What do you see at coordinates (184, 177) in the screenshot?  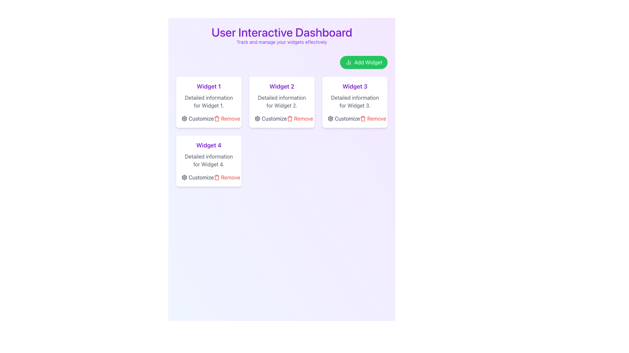 I see `the cogwheel icon indicating settings, located to the left of the 'Customize' label` at bounding box center [184, 177].